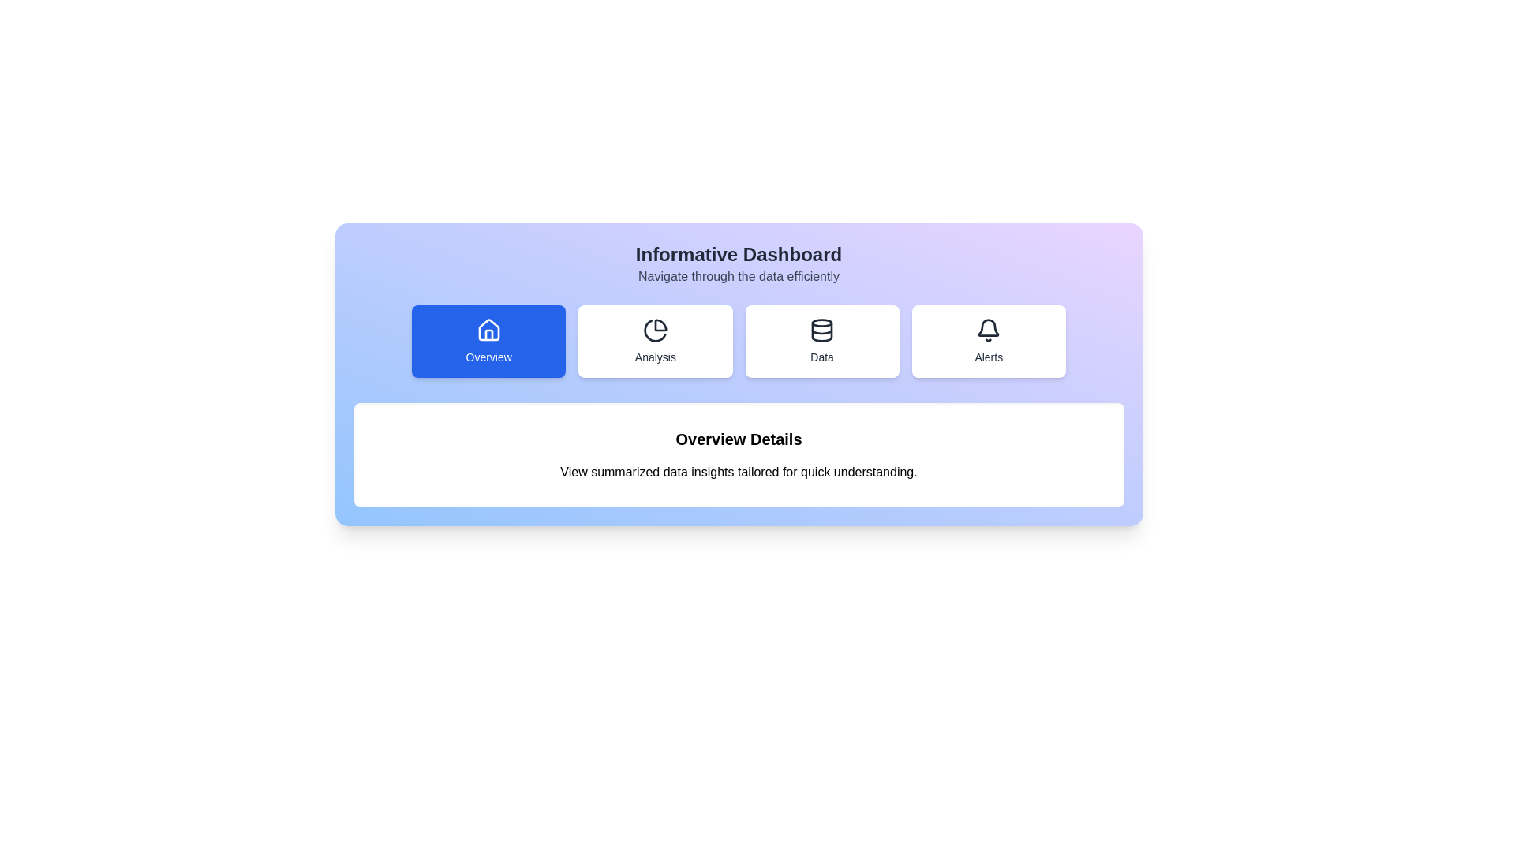  Describe the element at coordinates (488, 330) in the screenshot. I see `the 'Overview' icon located in the top section of the menu` at that location.